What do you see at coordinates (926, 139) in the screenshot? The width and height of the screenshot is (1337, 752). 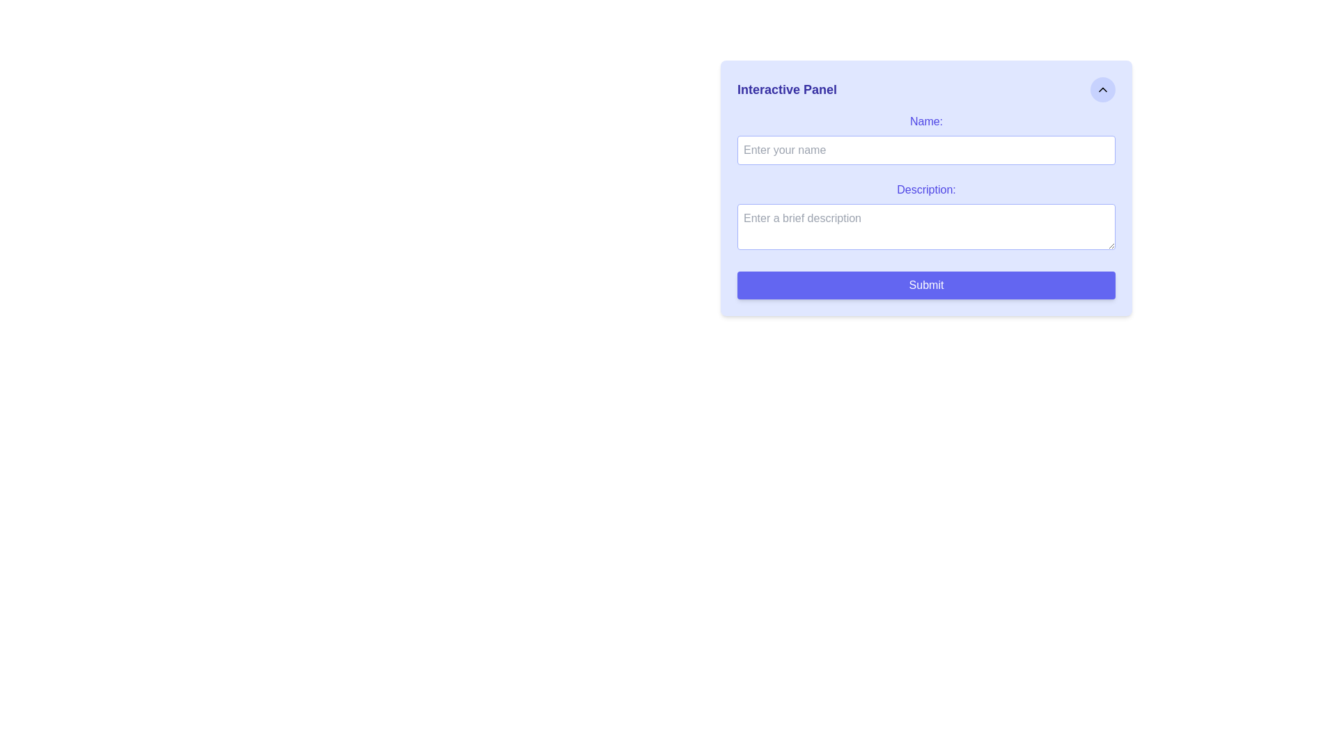 I see `the input box of the labeled text input field for 'Name:' to focus on it` at bounding box center [926, 139].